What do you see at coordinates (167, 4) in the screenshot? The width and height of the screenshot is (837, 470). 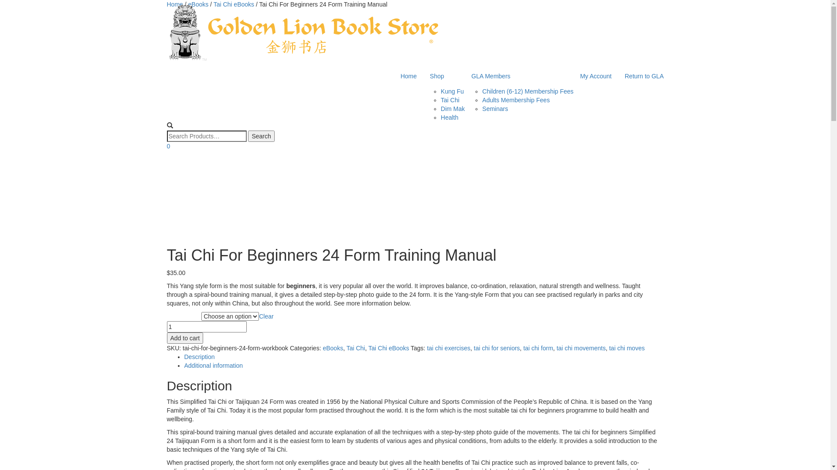 I see `'Home'` at bounding box center [167, 4].